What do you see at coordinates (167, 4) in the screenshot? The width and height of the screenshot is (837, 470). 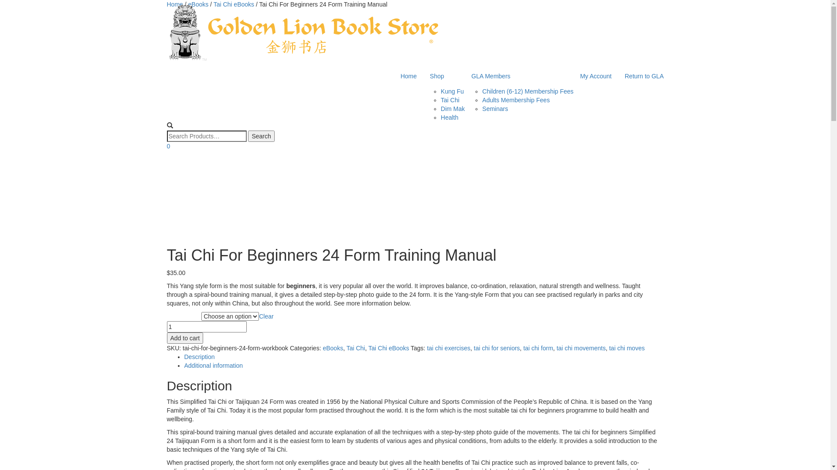 I see `'Home'` at bounding box center [167, 4].